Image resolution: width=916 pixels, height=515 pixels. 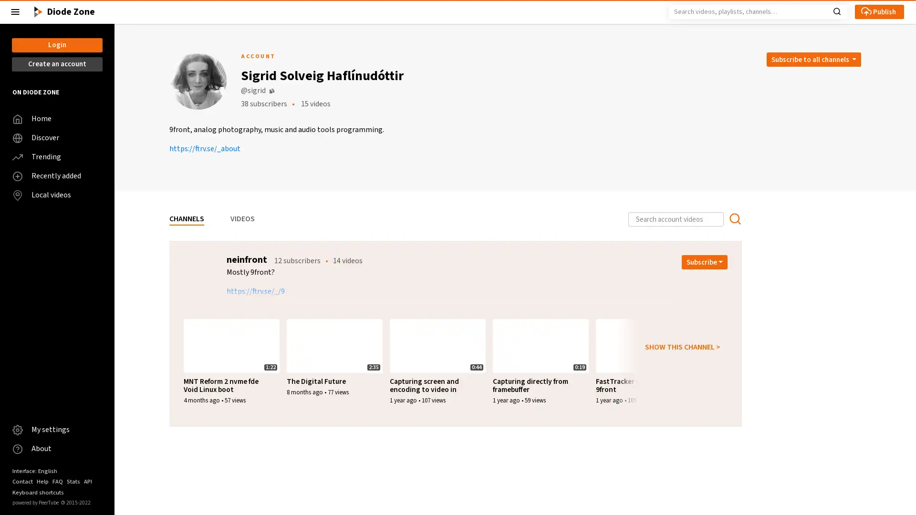 I want to click on Search, so click(x=734, y=219).